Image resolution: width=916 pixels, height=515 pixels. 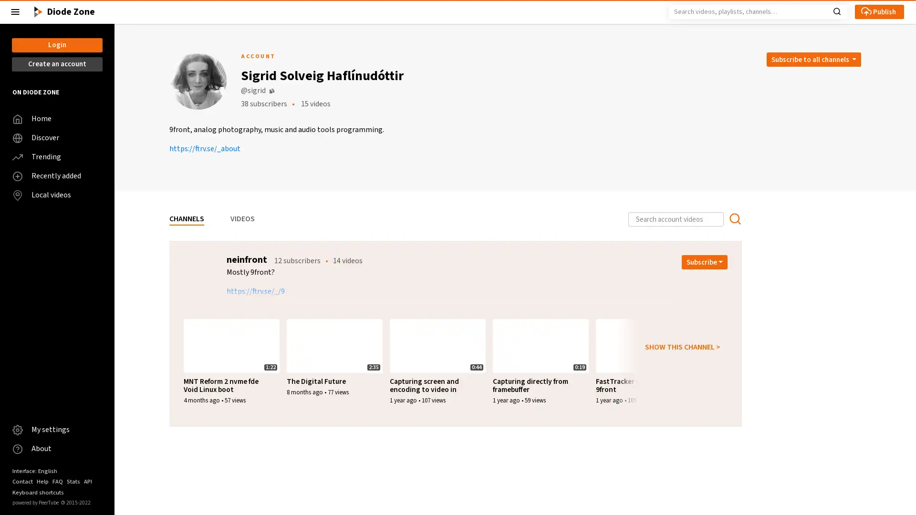 I want to click on Search, so click(x=734, y=219).